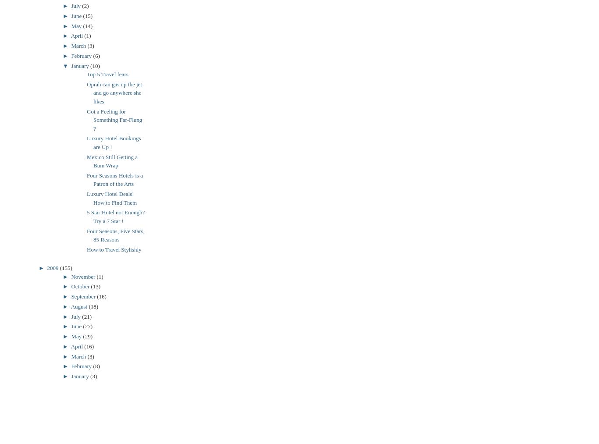 Image resolution: width=599 pixels, height=444 pixels. Describe the element at coordinates (80, 286) in the screenshot. I see `'October'` at that location.